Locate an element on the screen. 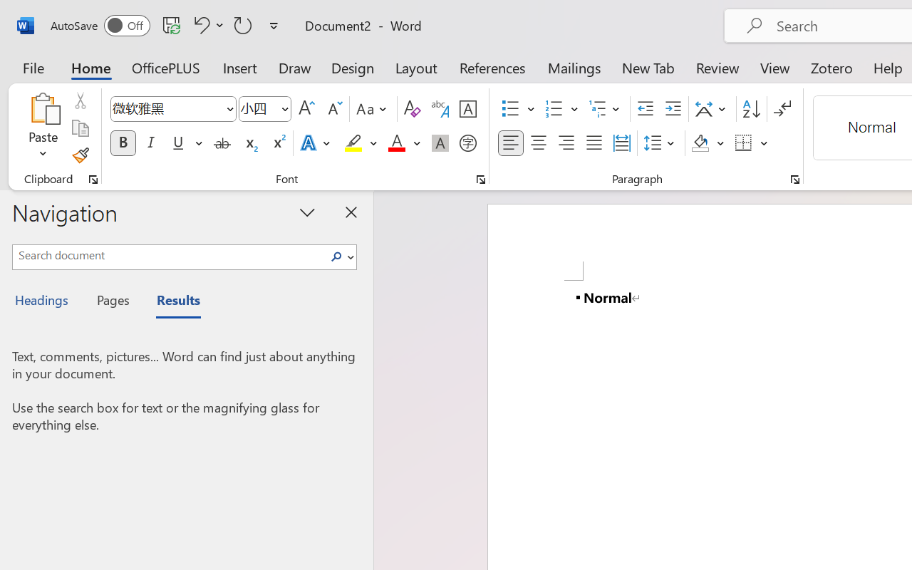  'Insert' is located at coordinates (240, 67).